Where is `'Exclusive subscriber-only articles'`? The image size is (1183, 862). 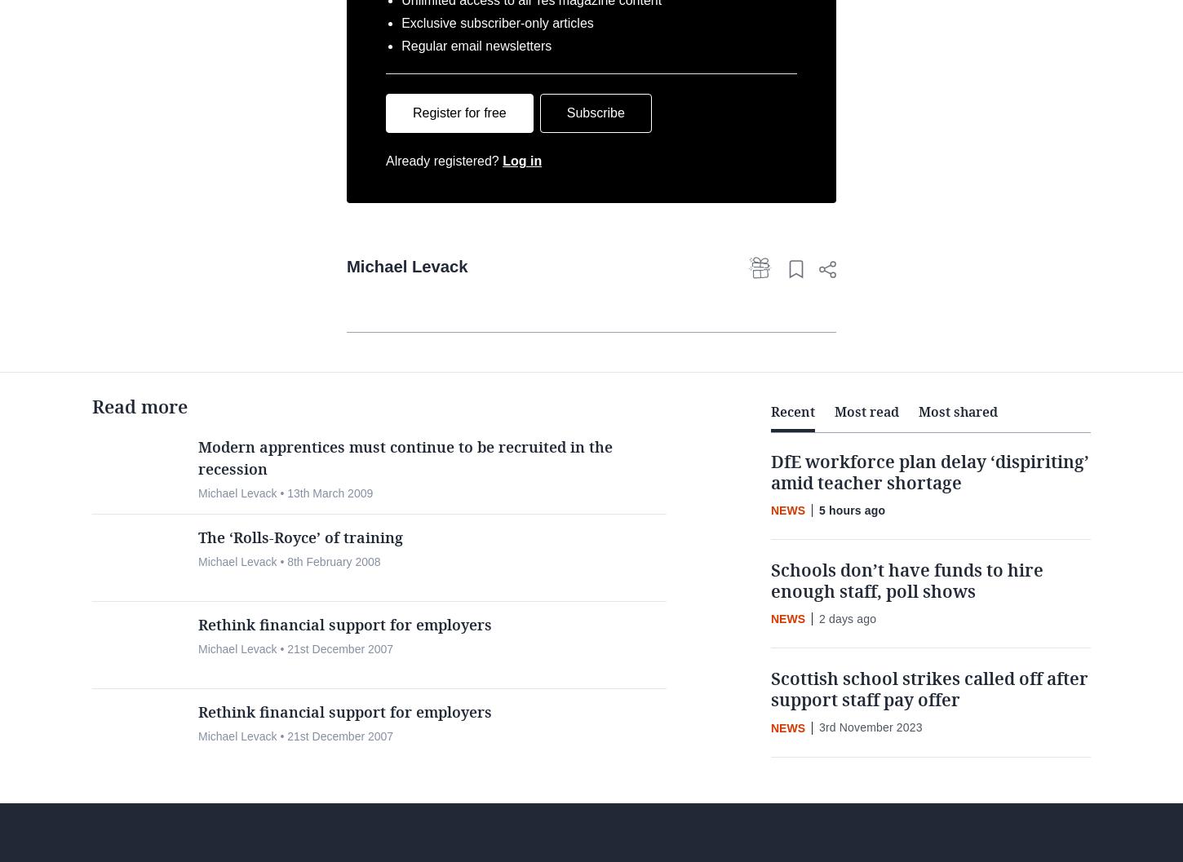
'Exclusive subscriber-only articles' is located at coordinates (498, 79).